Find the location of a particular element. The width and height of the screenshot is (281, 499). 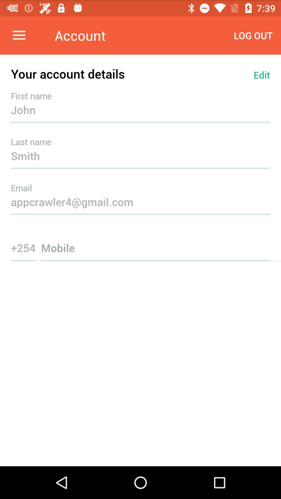

the item next to the your account details item is located at coordinates (262, 75).